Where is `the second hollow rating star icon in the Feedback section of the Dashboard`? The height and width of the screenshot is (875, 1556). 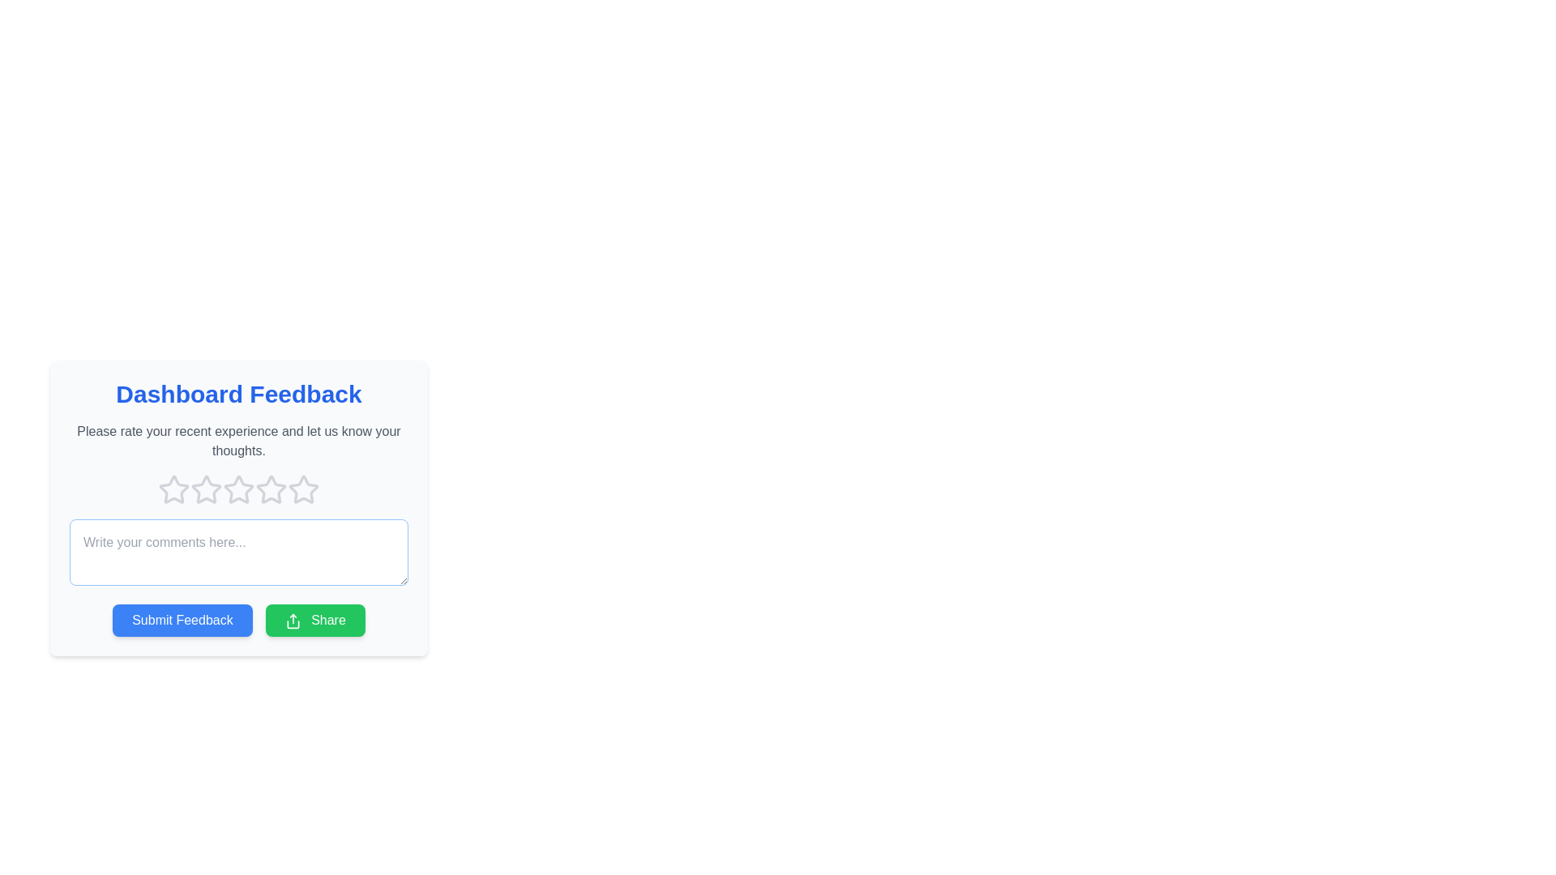 the second hollow rating star icon in the Feedback section of the Dashboard is located at coordinates (205, 489).